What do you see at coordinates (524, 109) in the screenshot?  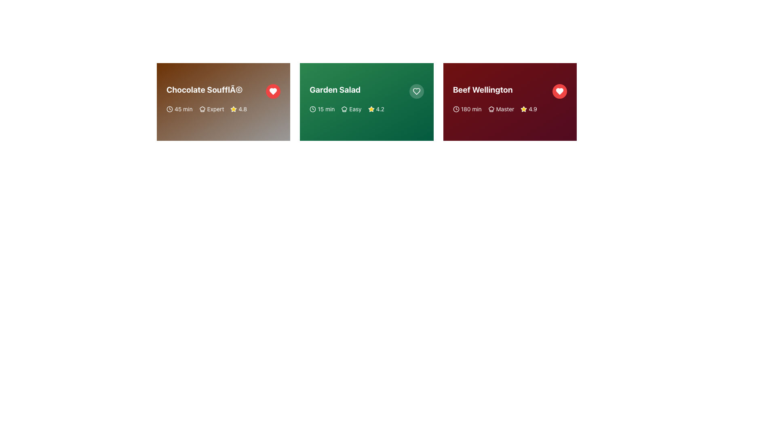 I see `the star icon representing the rating for the 'Beef Wellington' recipe card, which is located near the rating value '4.9' in the bottom right corner` at bounding box center [524, 109].